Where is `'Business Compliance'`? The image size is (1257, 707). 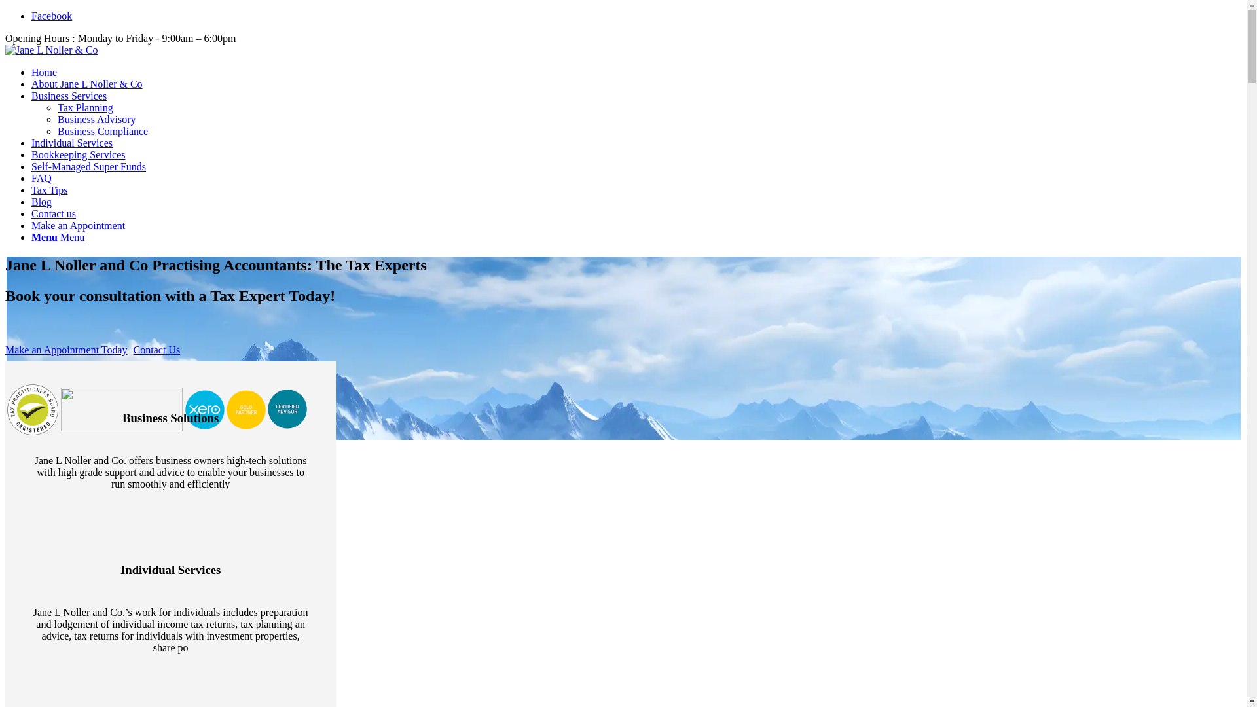
'Business Compliance' is located at coordinates (102, 131).